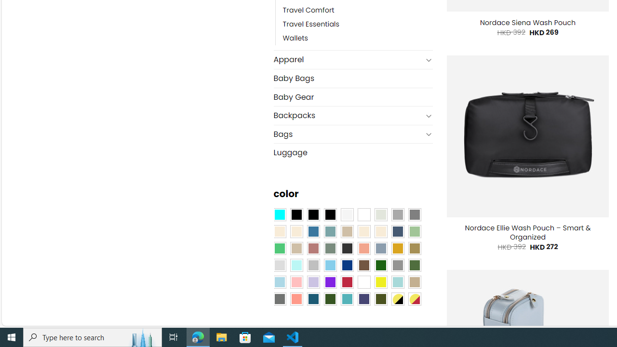 This screenshot has height=347, width=617. I want to click on 'Blue Sage', so click(330, 231).